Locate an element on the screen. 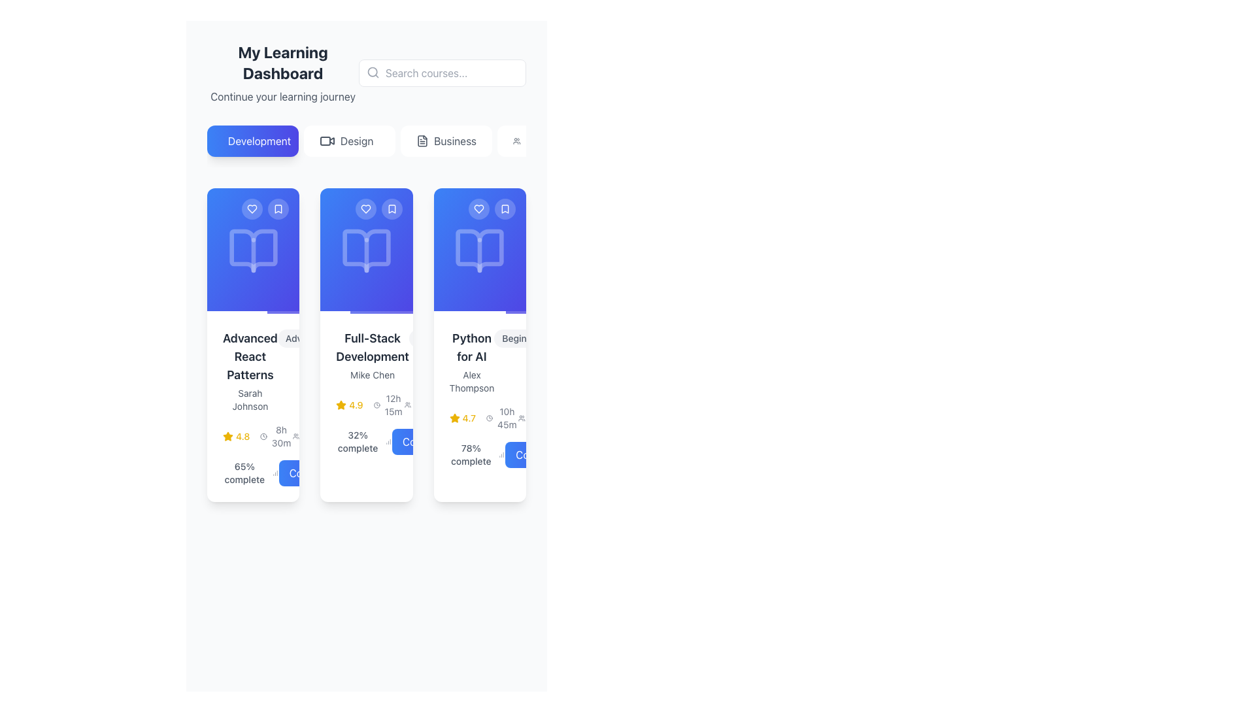  the text label displaying '4.9', which is styled in yellow, located to the right of a yellow star icon in the course details section of the 'Full-Stack Development' card is located at coordinates (356, 405).